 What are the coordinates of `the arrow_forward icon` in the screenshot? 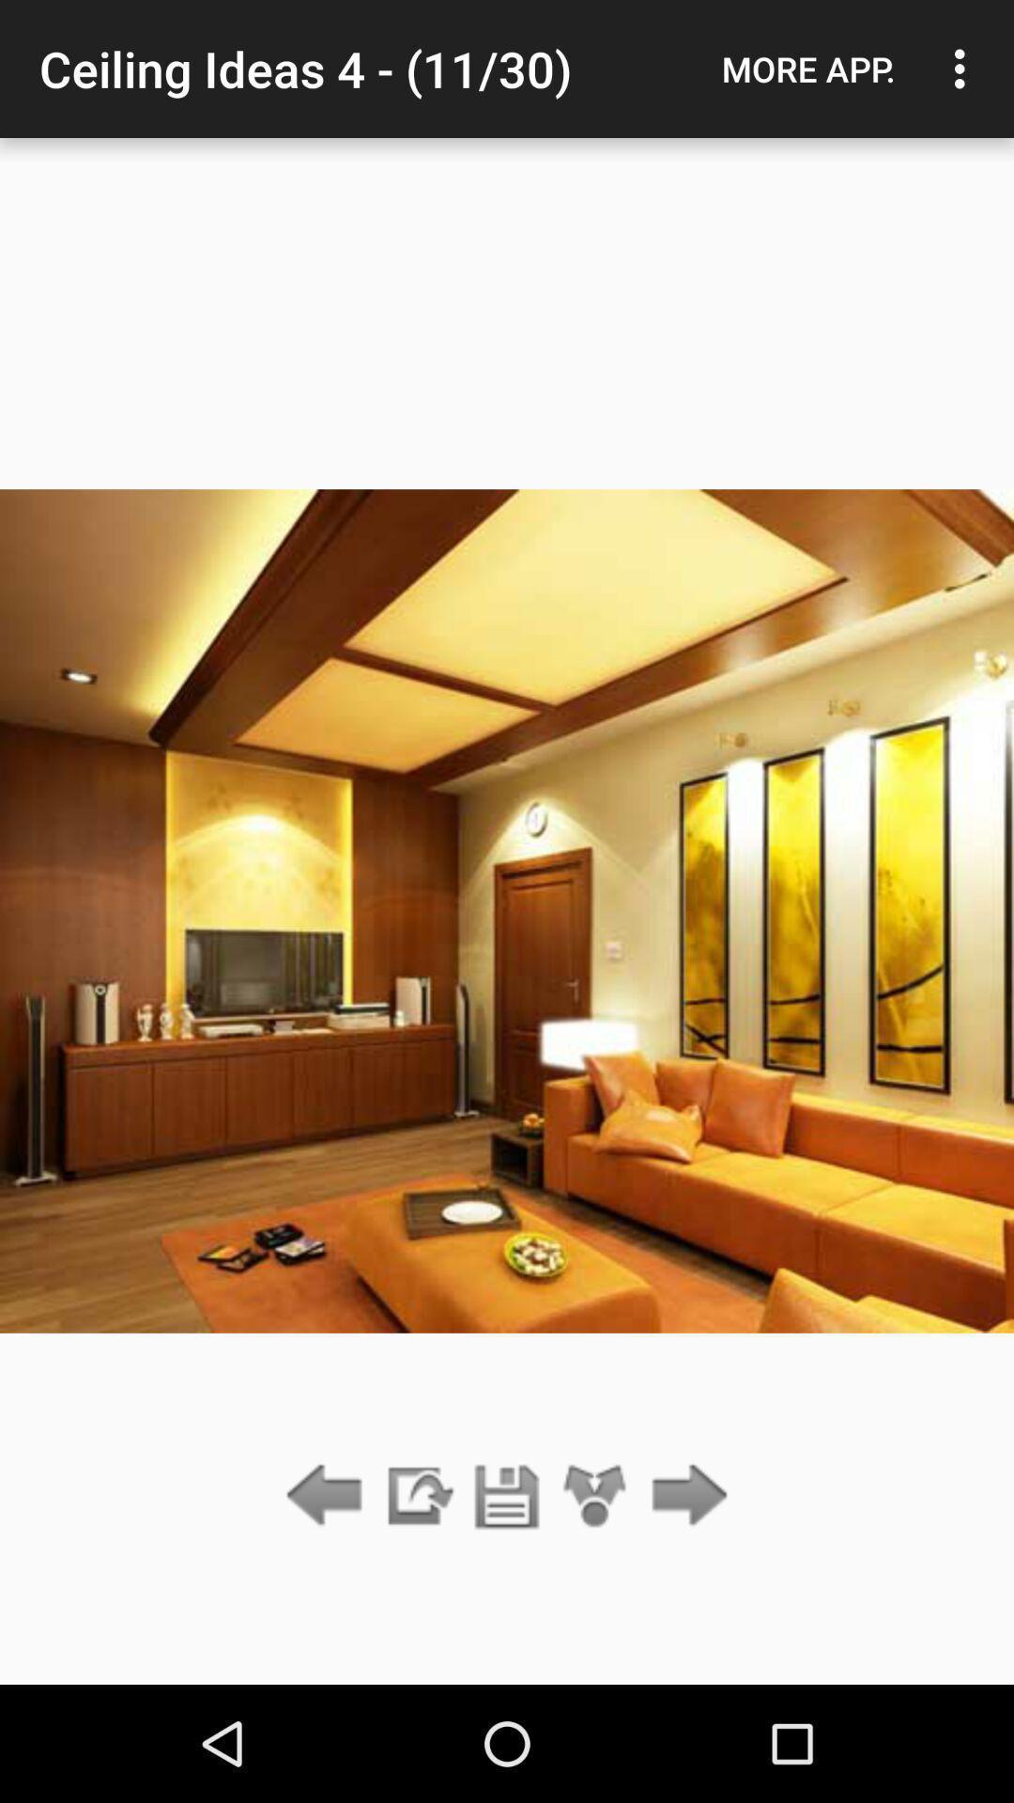 It's located at (684, 1496).